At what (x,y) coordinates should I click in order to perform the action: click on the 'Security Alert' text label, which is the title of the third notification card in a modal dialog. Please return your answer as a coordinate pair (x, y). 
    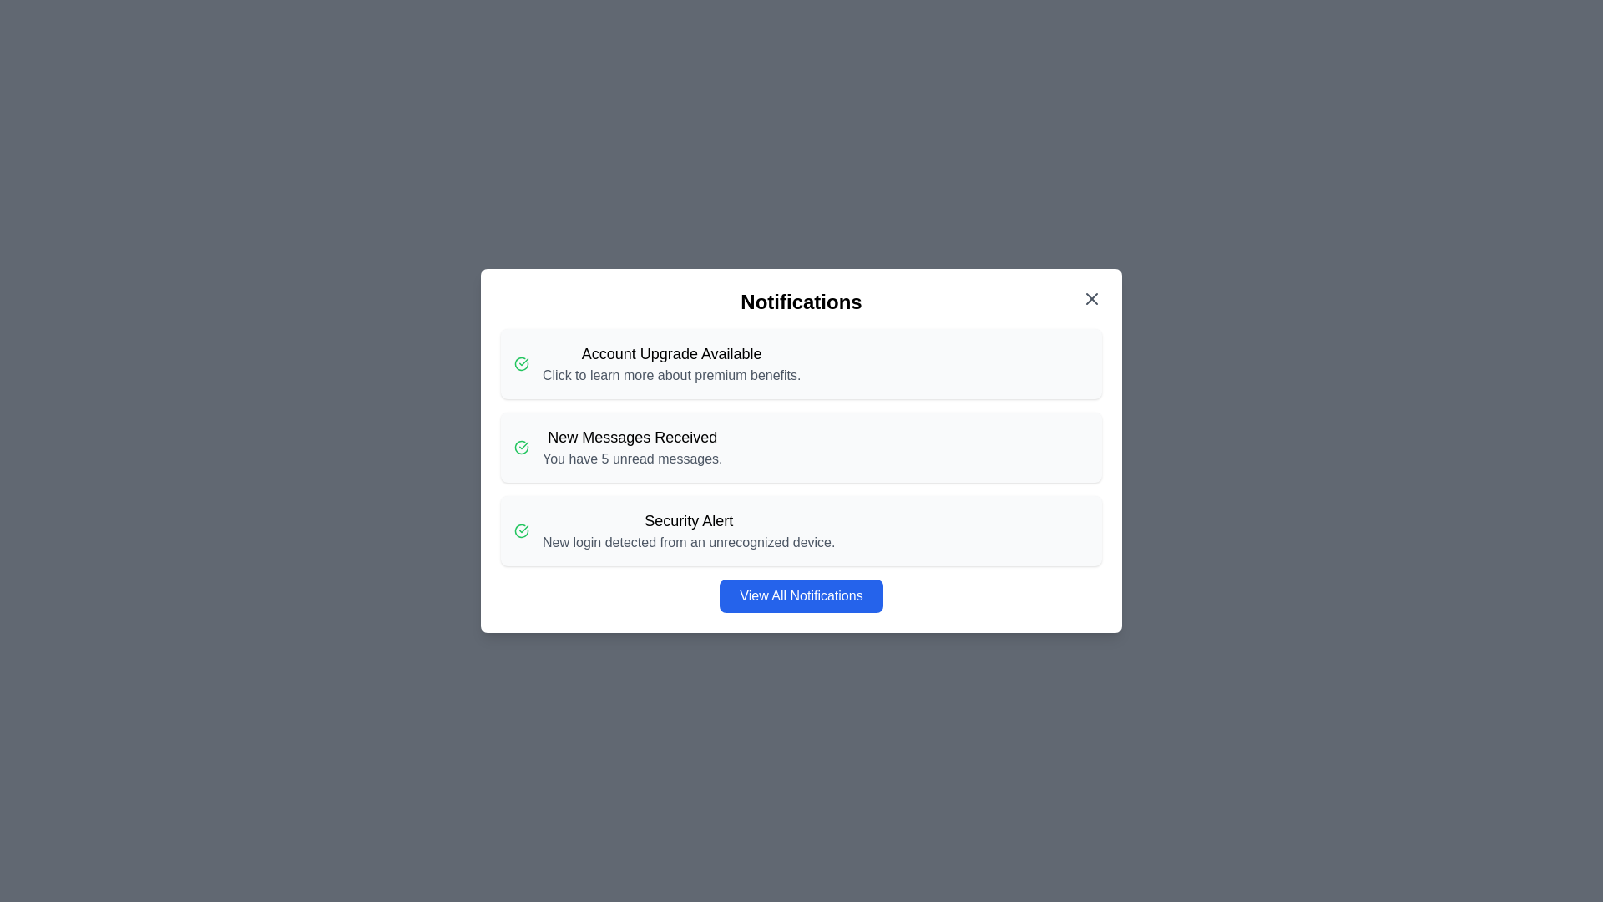
    Looking at the image, I should click on (689, 520).